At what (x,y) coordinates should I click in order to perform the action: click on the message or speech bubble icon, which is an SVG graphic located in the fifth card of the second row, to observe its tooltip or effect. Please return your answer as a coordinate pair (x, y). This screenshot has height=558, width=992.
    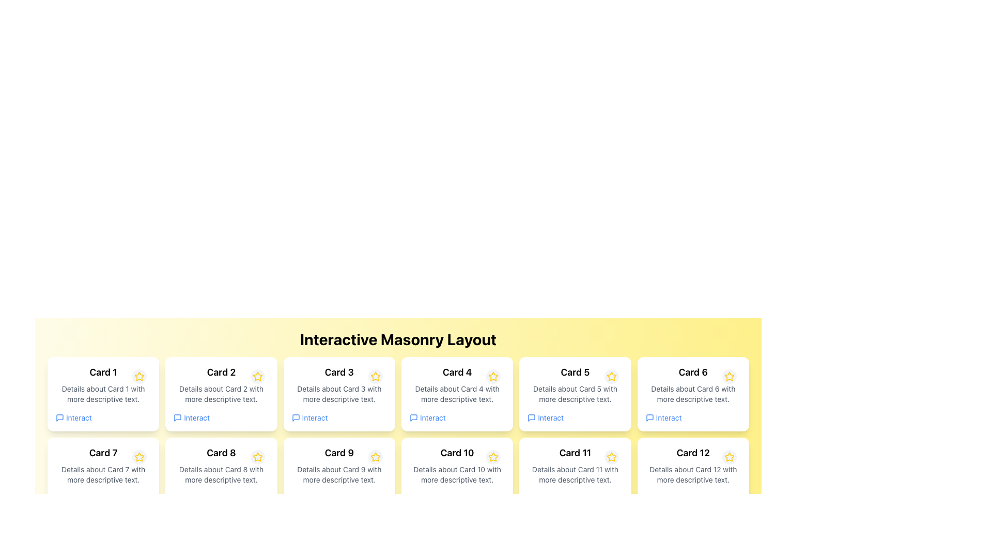
    Looking at the image, I should click on (532, 417).